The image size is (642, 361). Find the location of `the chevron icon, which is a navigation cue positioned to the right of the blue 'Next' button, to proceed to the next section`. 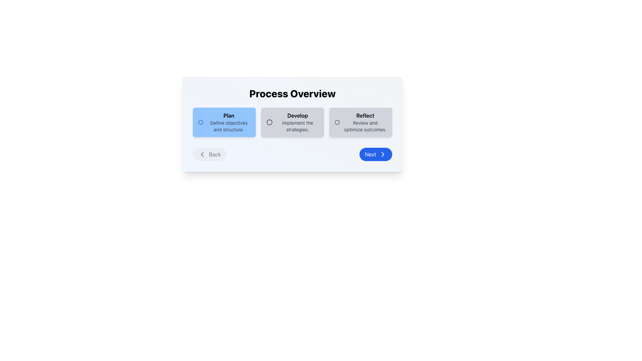

the chevron icon, which is a navigation cue positioned to the right of the blue 'Next' button, to proceed to the next section is located at coordinates (383, 154).